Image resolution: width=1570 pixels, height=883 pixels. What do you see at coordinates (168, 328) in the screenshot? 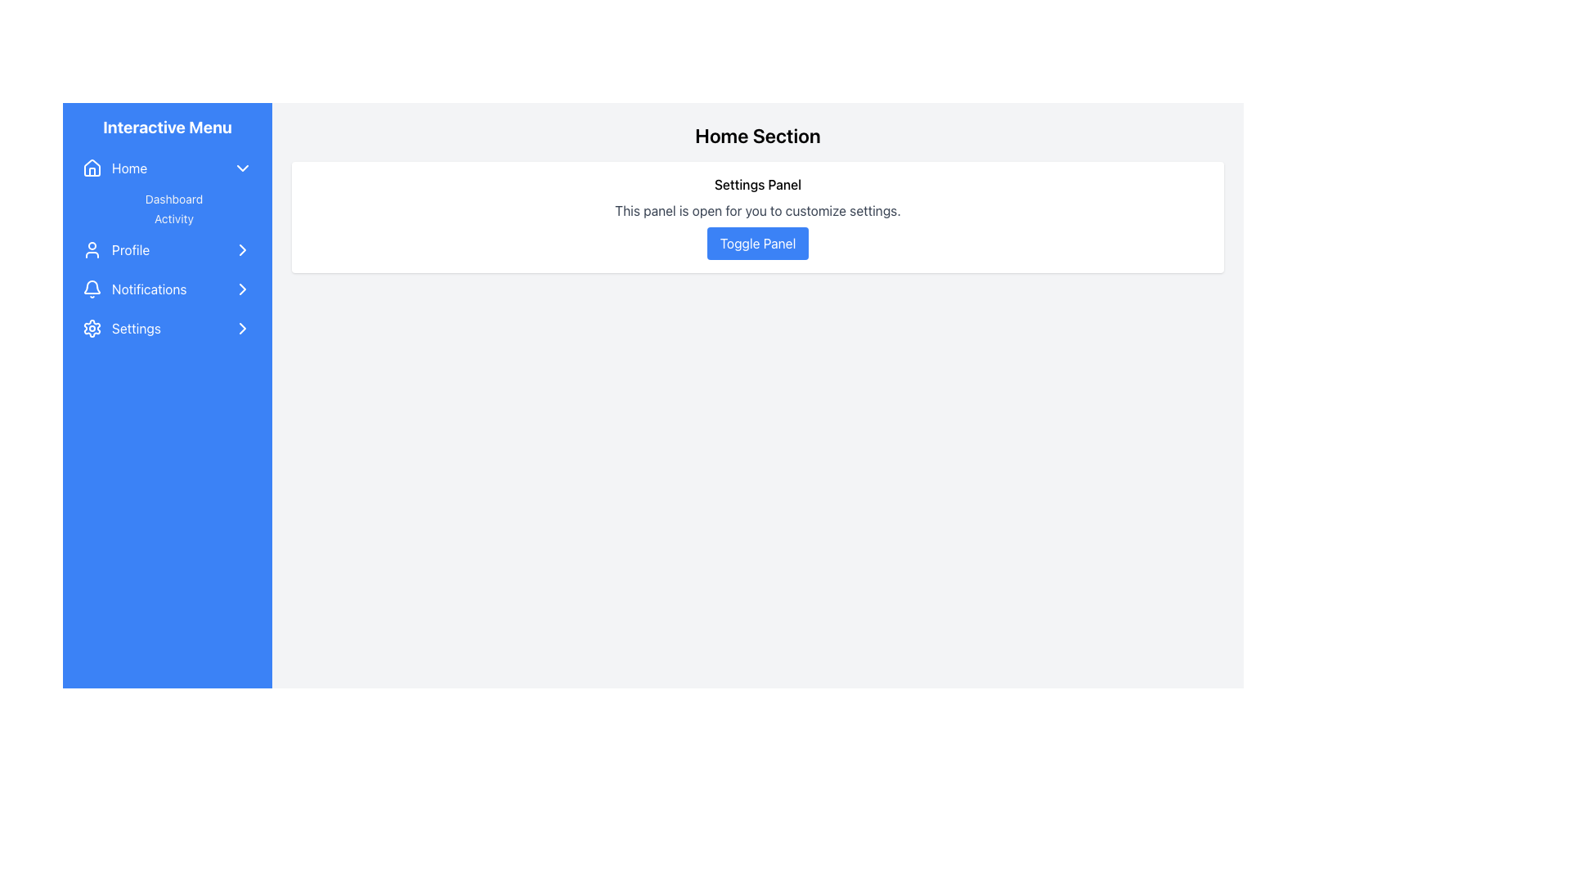
I see `the fifth item in the vertical navigation menu on the left side of the interface` at bounding box center [168, 328].